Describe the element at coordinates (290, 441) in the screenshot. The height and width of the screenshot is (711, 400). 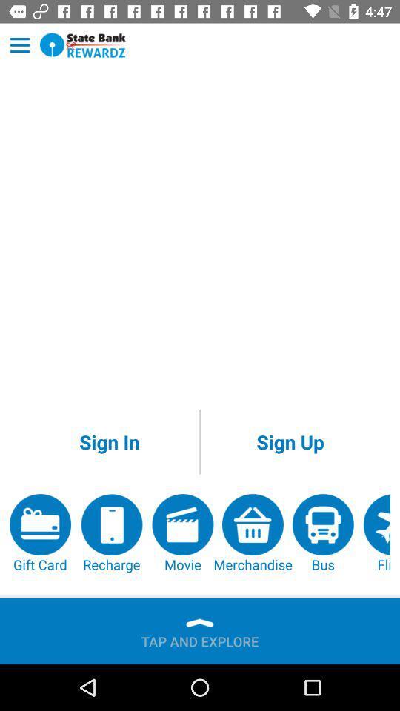
I see `item on the right` at that location.